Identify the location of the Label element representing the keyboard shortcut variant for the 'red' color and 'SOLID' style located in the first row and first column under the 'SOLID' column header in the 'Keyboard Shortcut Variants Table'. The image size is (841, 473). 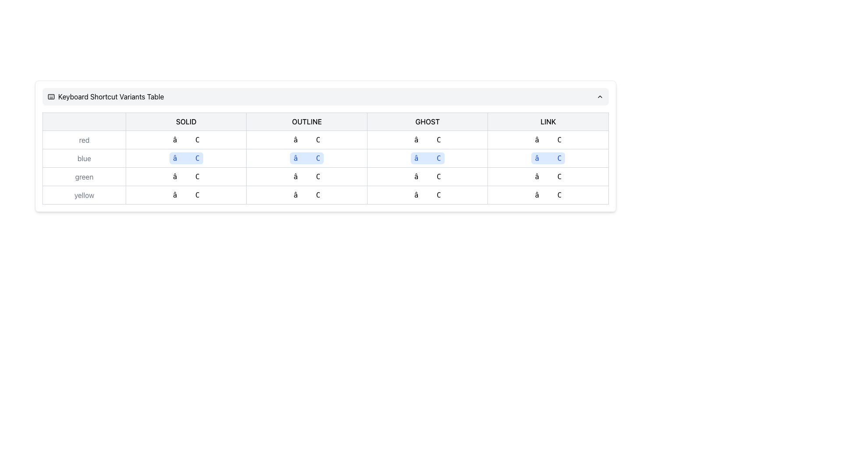
(186, 139).